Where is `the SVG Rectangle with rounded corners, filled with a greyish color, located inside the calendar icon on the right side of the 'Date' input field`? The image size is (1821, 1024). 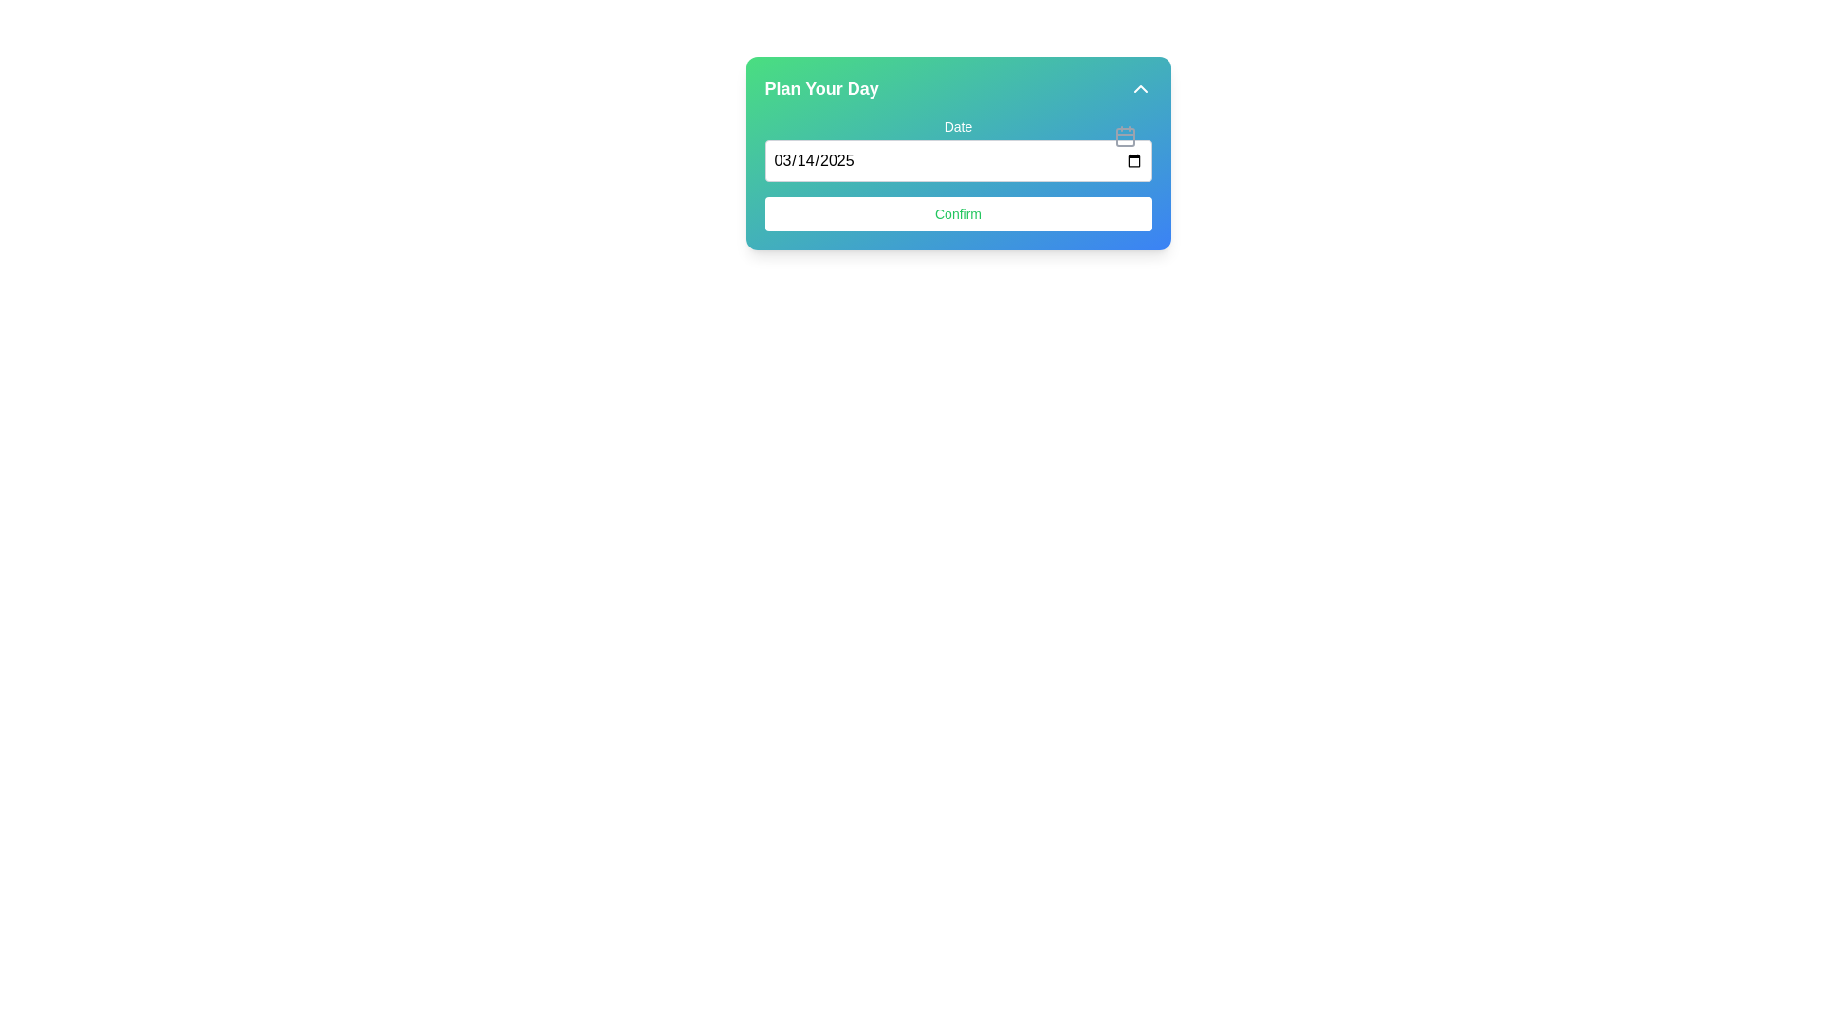
the SVG Rectangle with rounded corners, filled with a greyish color, located inside the calendar icon on the right side of the 'Date' input field is located at coordinates (1125, 137).